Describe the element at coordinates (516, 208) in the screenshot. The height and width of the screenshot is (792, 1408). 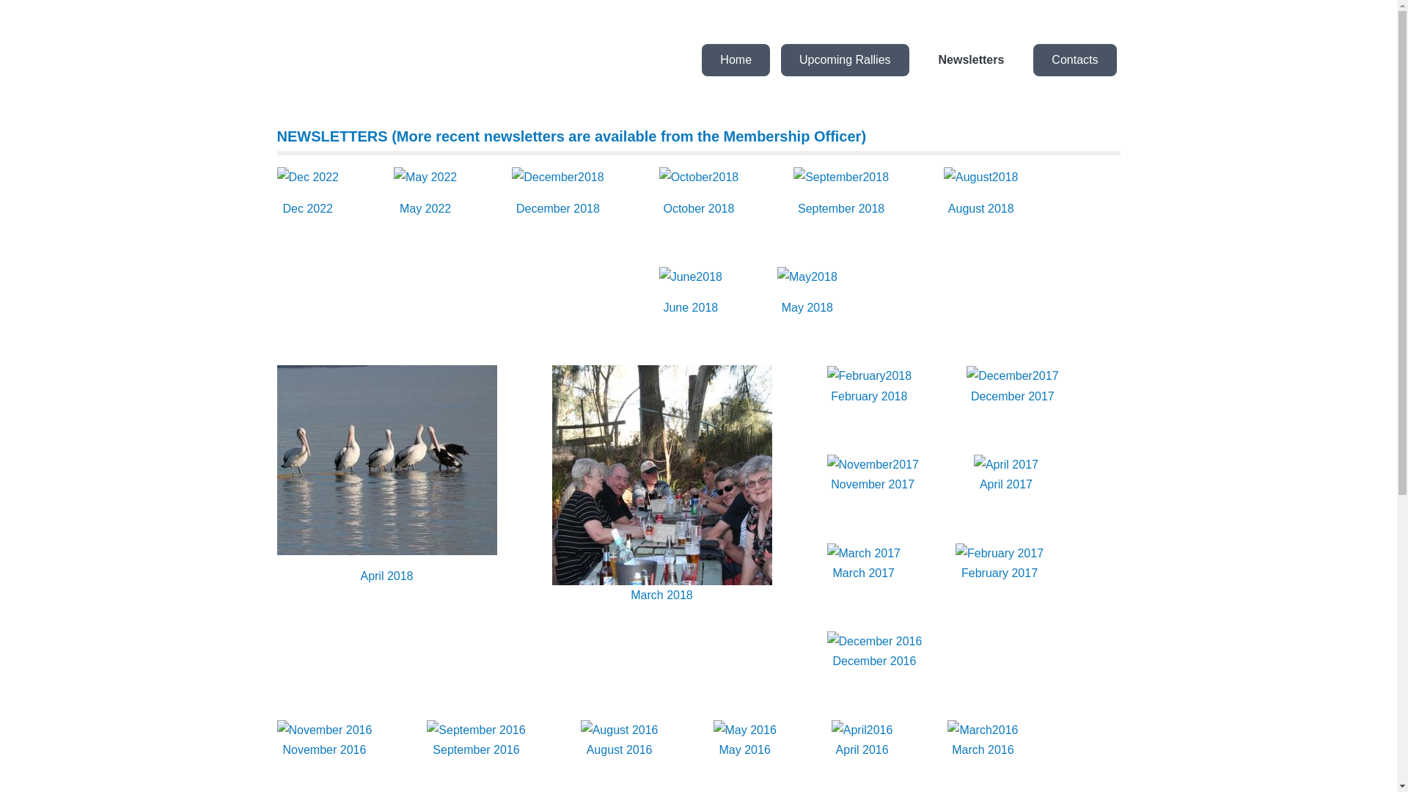
I see `'December 2018'` at that location.